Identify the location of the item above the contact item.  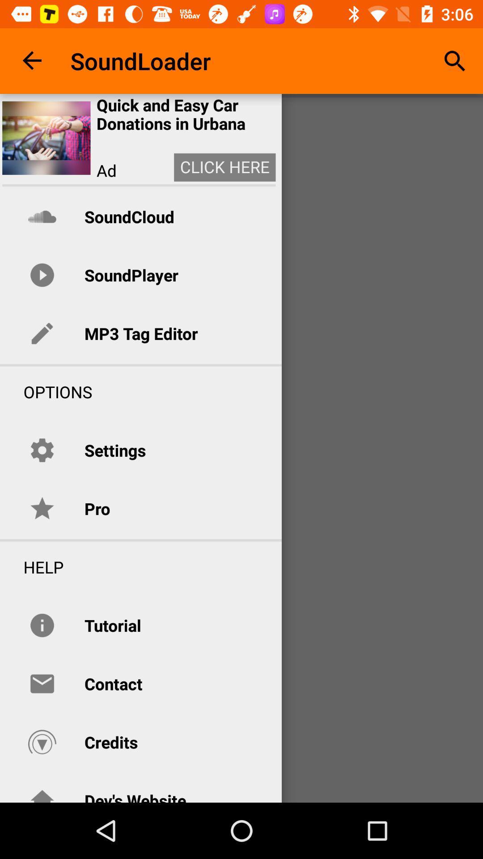
(112, 625).